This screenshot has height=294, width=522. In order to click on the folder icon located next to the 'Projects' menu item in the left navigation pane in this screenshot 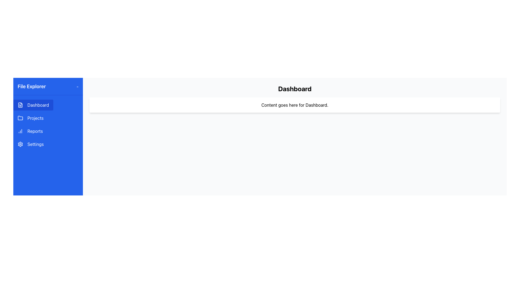, I will do `click(20, 117)`.